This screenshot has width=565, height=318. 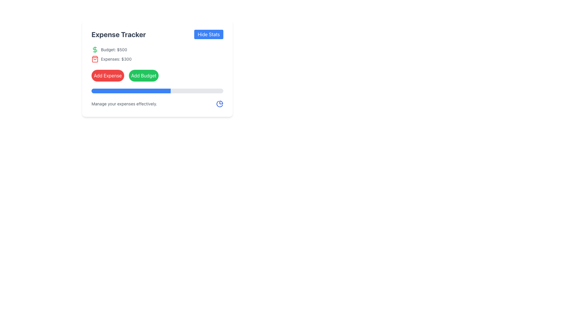 I want to click on text from the informational label located below the progress bar and above the pie-chart icon, so click(x=124, y=104).